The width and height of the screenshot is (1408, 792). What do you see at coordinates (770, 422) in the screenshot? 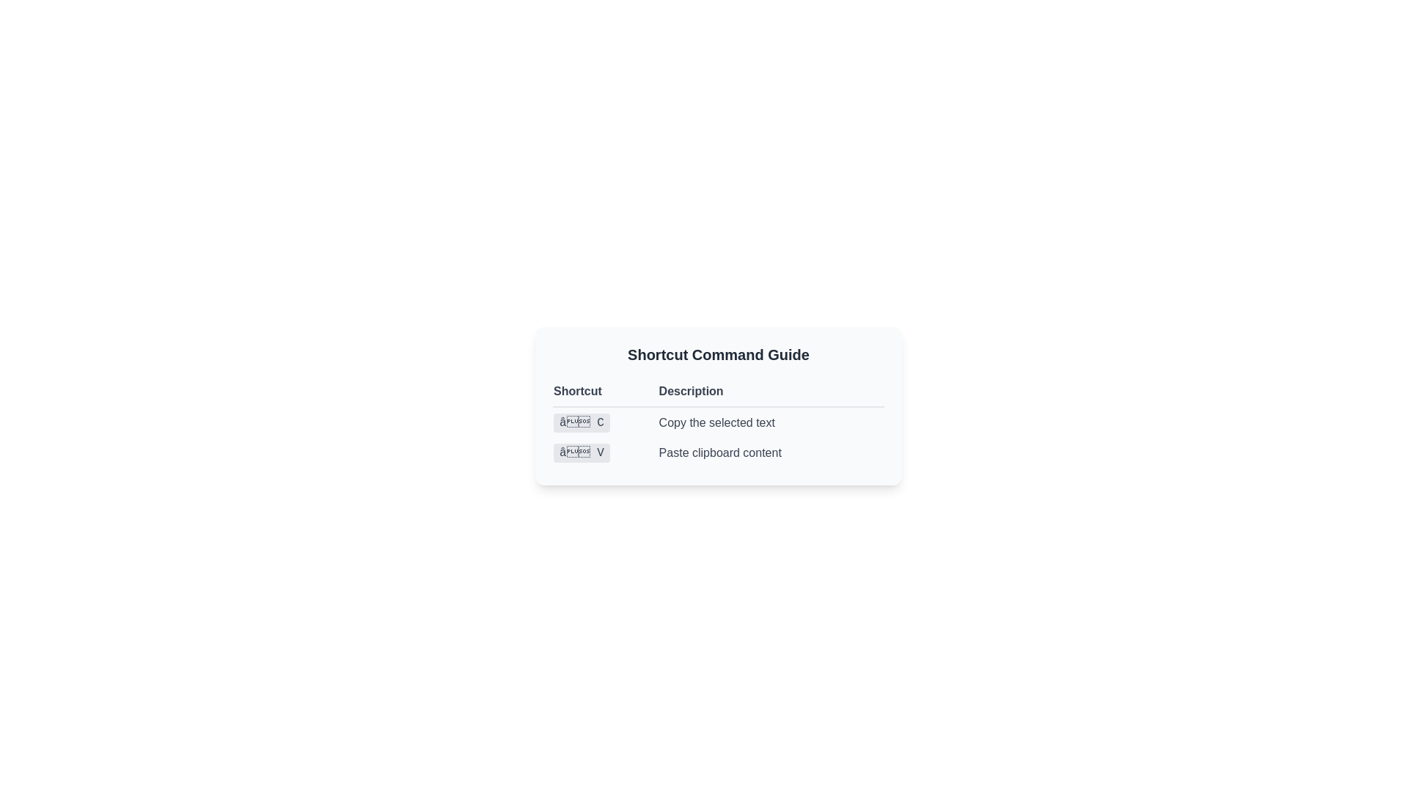
I see `the Text label in the 'Description' column of the command shortcut guide, which describes the shortcut key combination '⌘ C'` at bounding box center [770, 422].